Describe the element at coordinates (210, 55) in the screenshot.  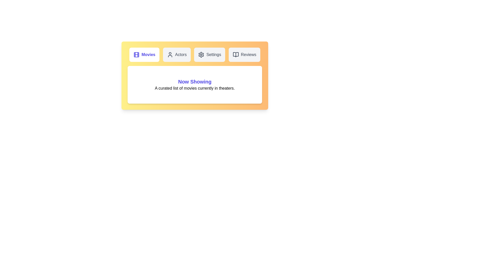
I see `the tab labeled Settings` at that location.